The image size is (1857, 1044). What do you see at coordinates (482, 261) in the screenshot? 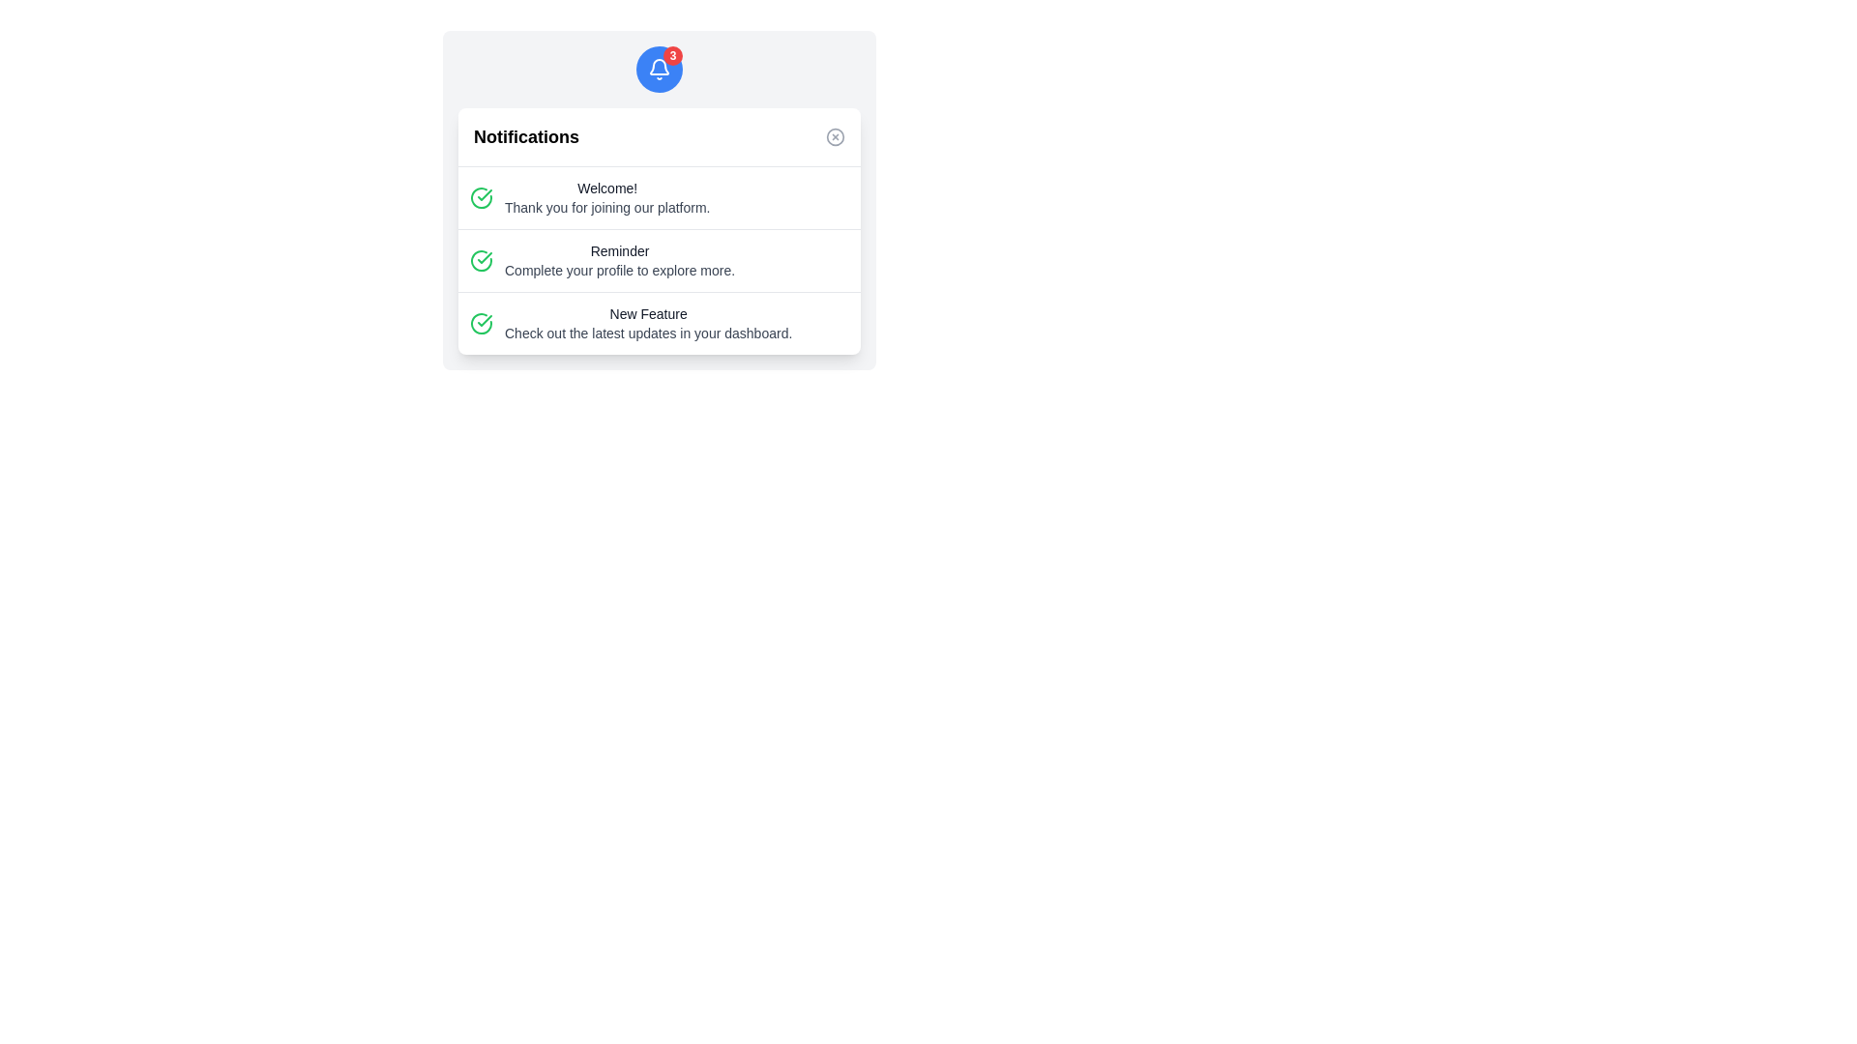
I see `the graphic icon representing the status of the notification titled 'Reminder', which indicates completion or acknowledgment` at bounding box center [482, 261].